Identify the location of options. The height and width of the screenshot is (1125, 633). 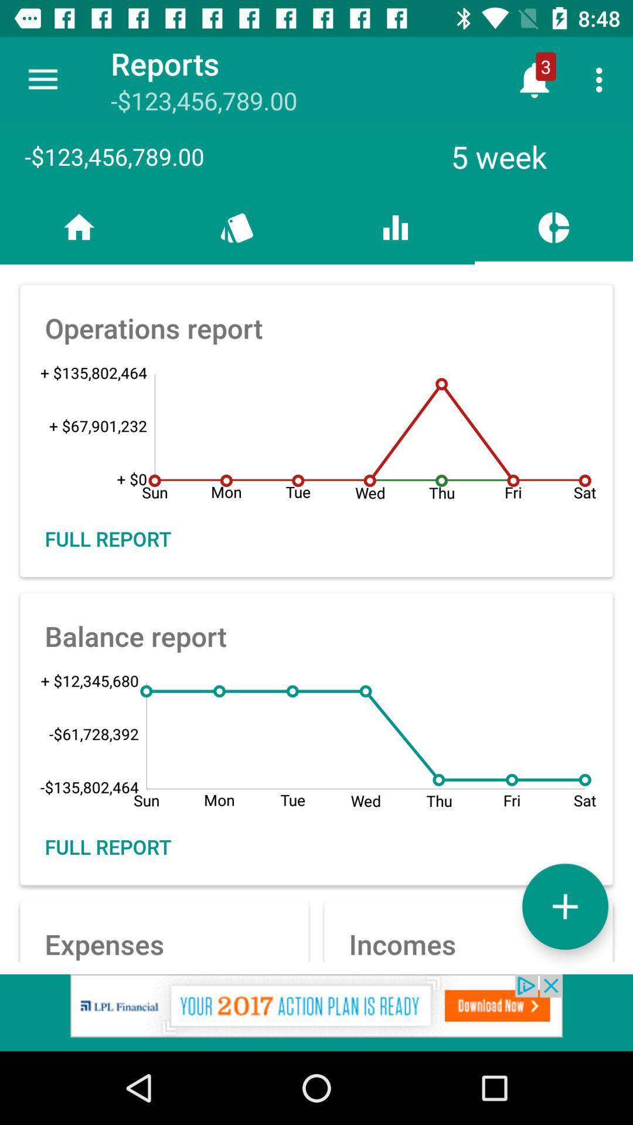
(564, 906).